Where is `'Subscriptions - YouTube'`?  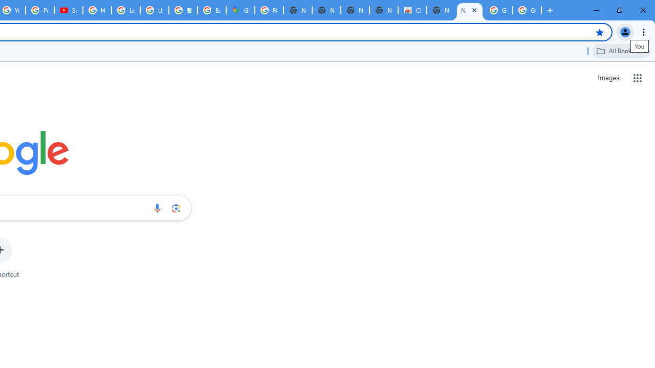 'Subscriptions - YouTube' is located at coordinates (68, 10).